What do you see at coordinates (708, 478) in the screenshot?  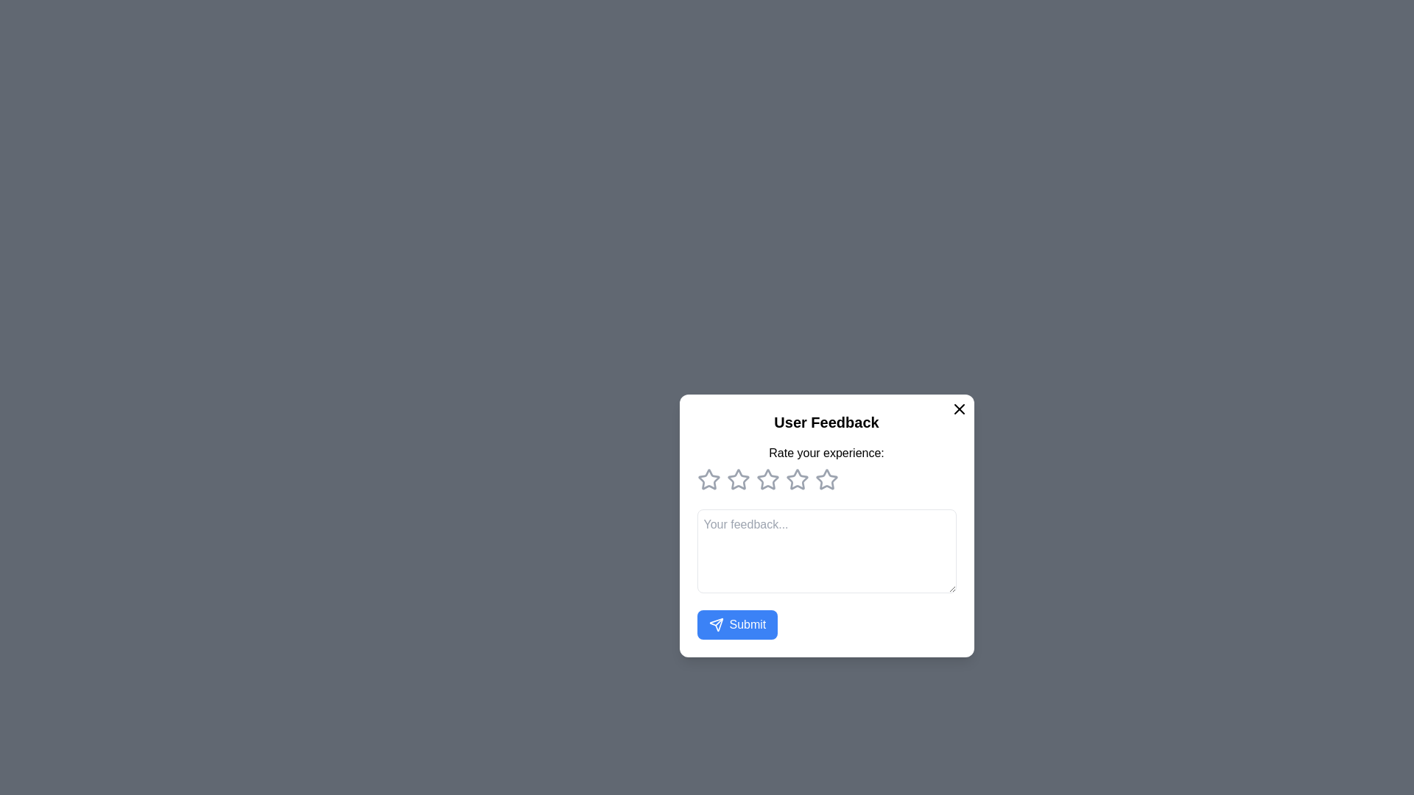 I see `the first star-shaped rating icon outlined in grey with a hollow center in the 'Rate your experience' section of the 'User Feedback' modal box` at bounding box center [708, 478].